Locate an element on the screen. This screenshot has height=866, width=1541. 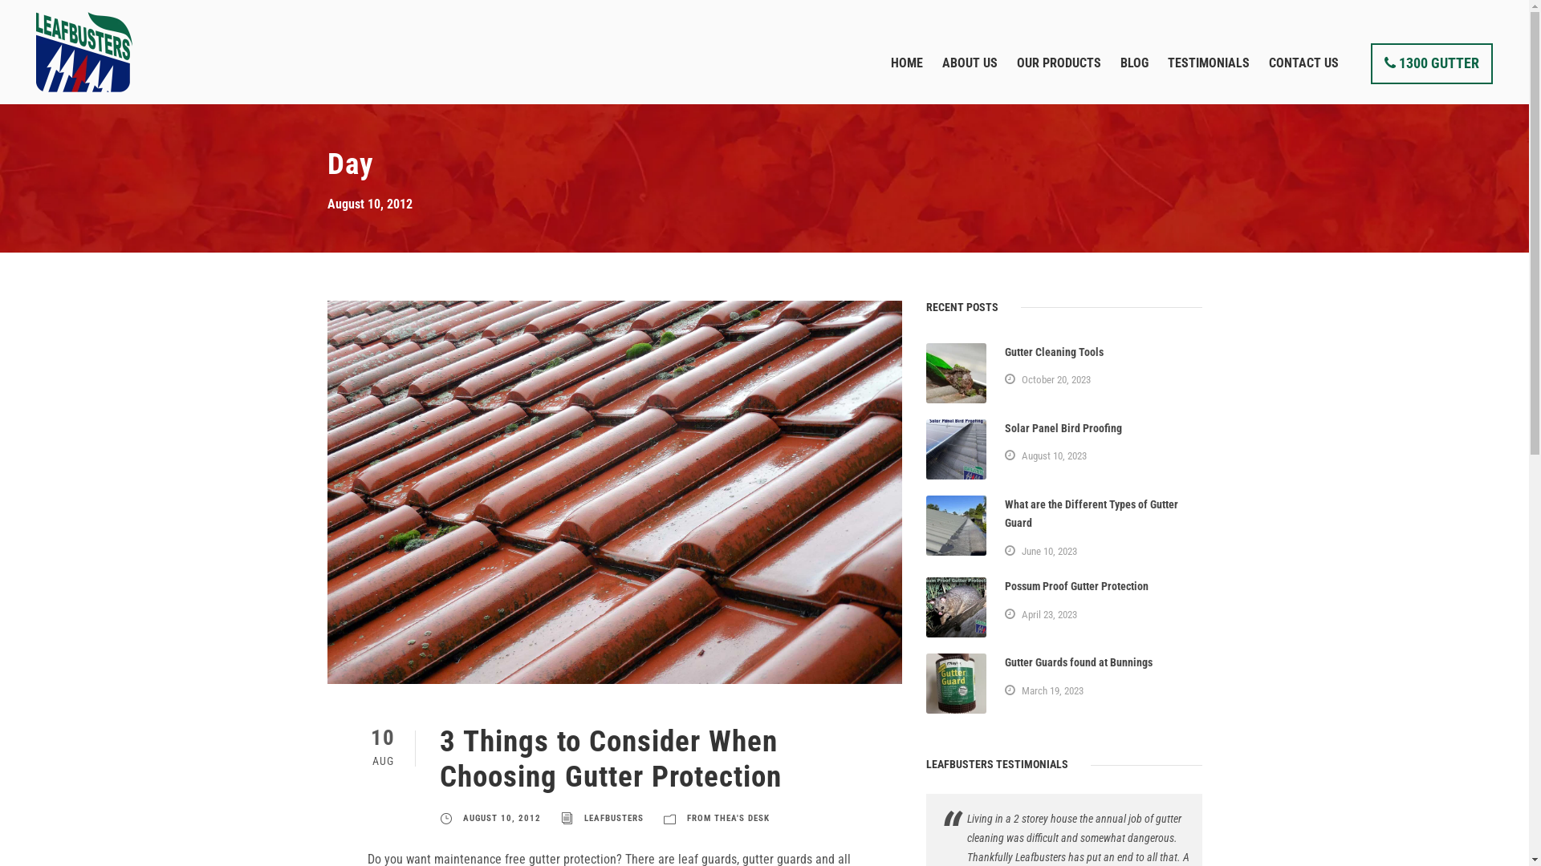
'CONTACT US' is located at coordinates (1303, 78).